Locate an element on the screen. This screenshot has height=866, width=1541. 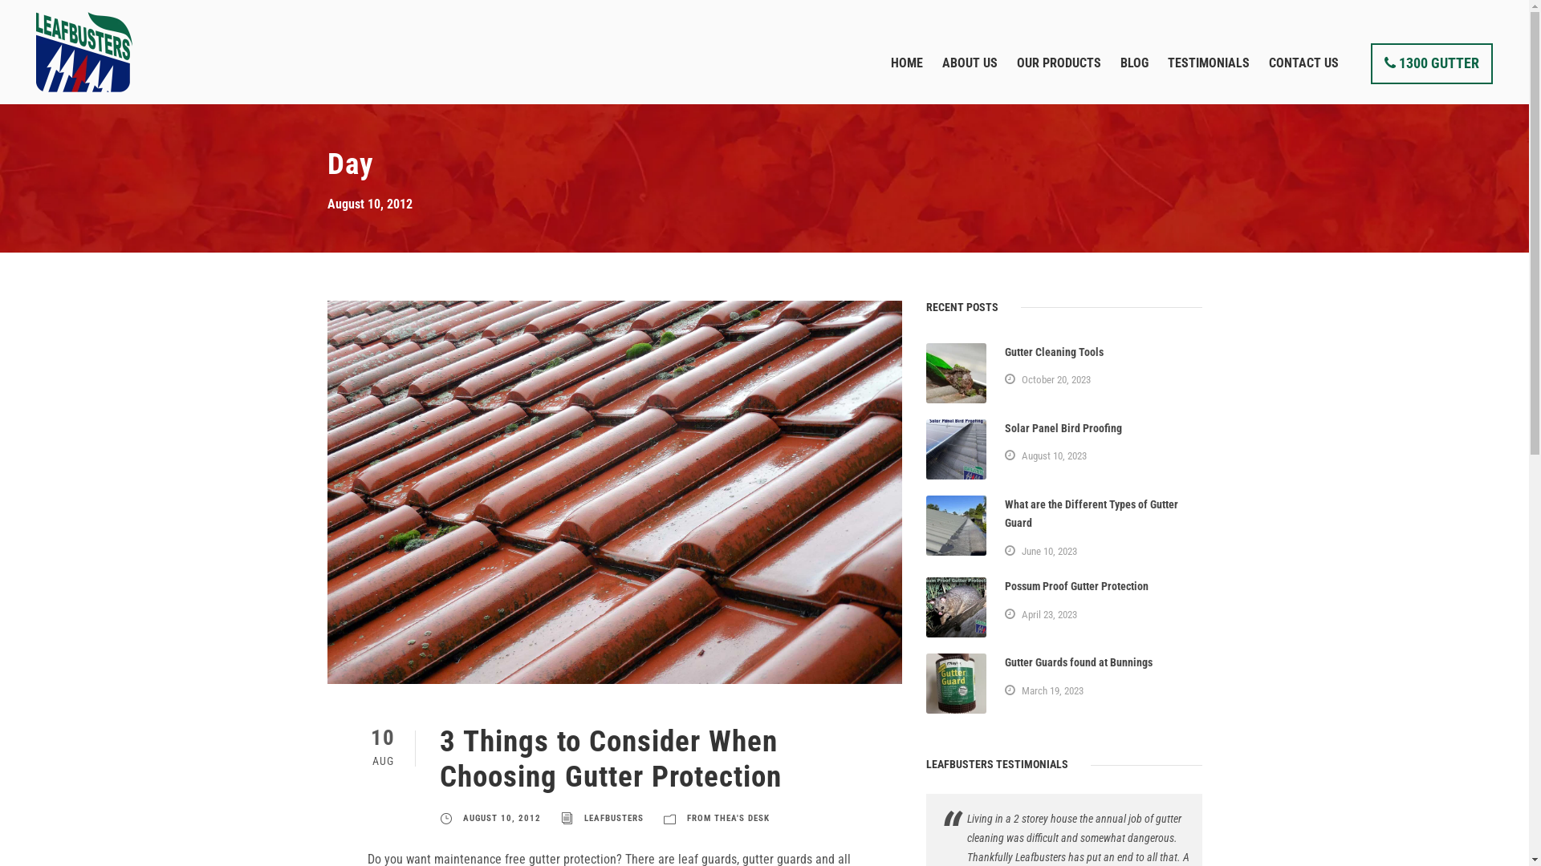
'CONTACT US' is located at coordinates (1303, 78).